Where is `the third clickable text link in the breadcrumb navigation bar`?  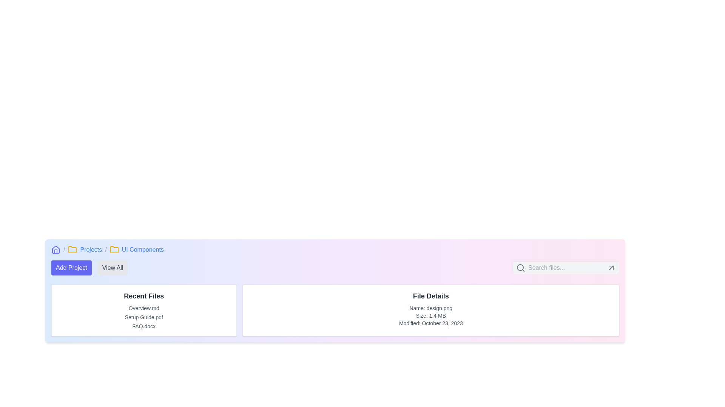 the third clickable text link in the breadcrumb navigation bar is located at coordinates (143, 250).